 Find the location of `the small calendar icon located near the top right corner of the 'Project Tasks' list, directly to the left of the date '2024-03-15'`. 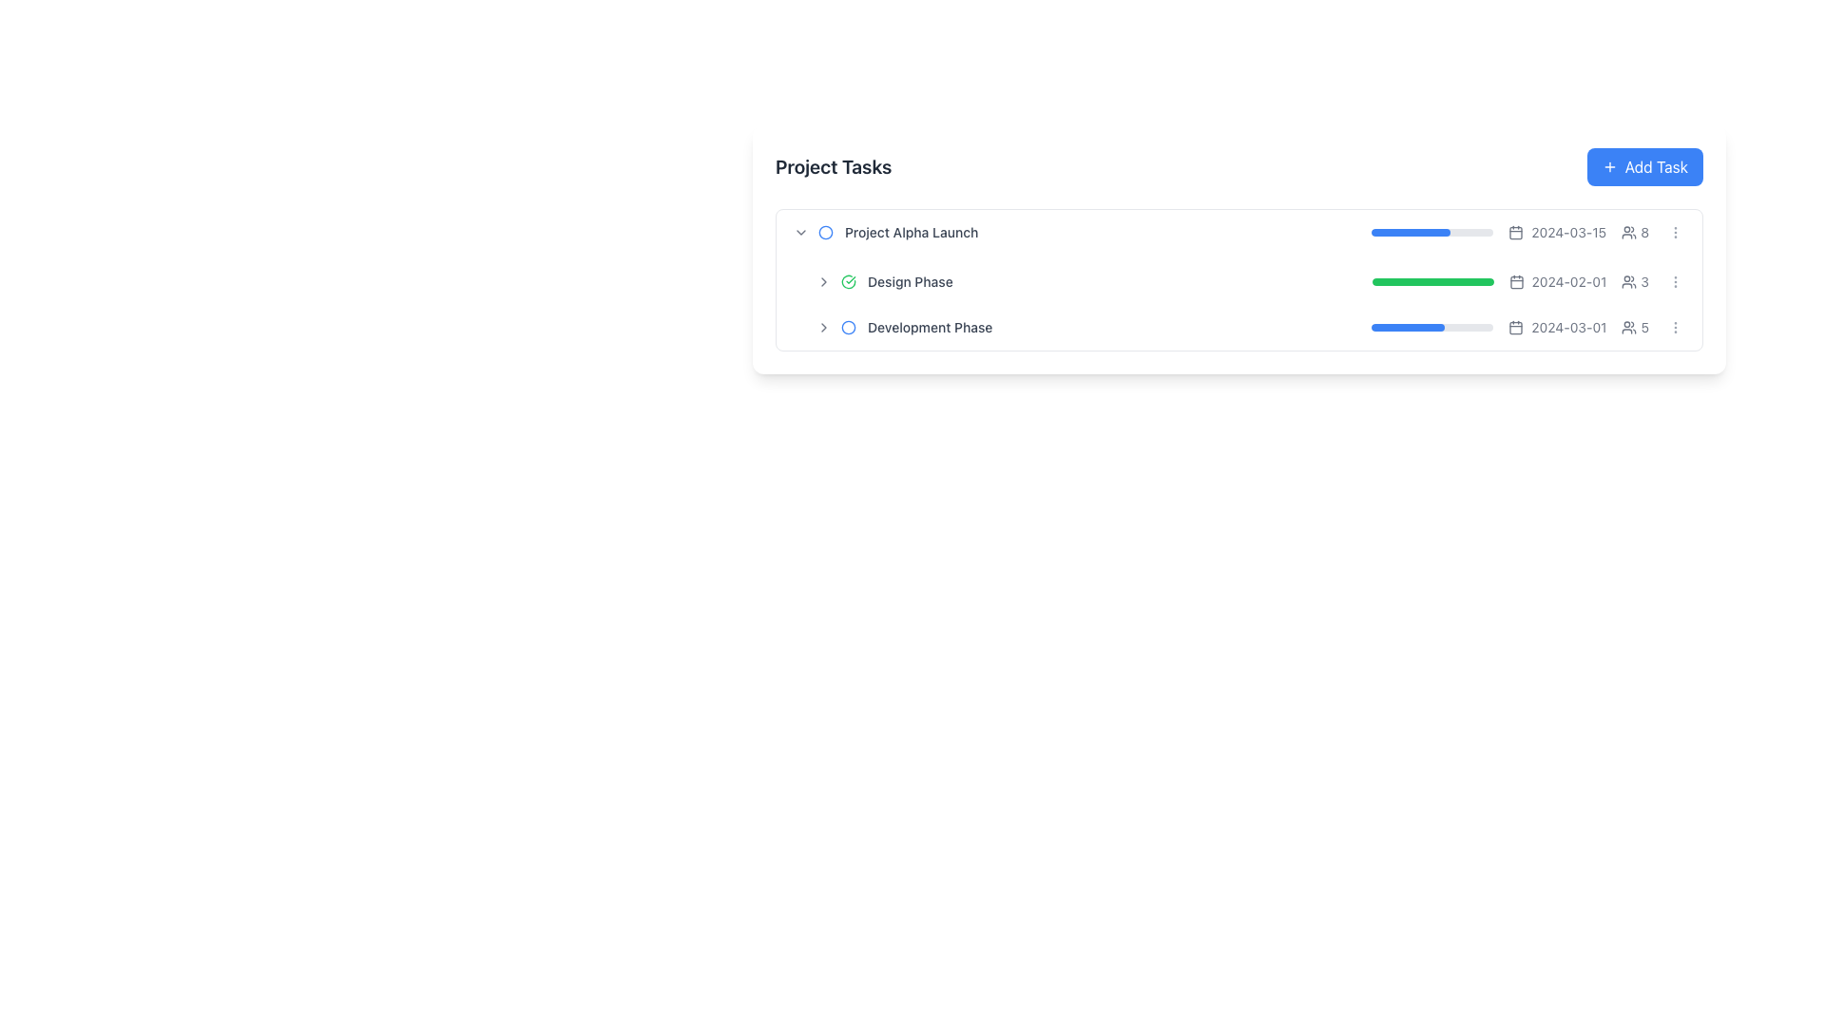

the small calendar icon located near the top right corner of the 'Project Tasks' list, directly to the left of the date '2024-03-15' is located at coordinates (1515, 232).